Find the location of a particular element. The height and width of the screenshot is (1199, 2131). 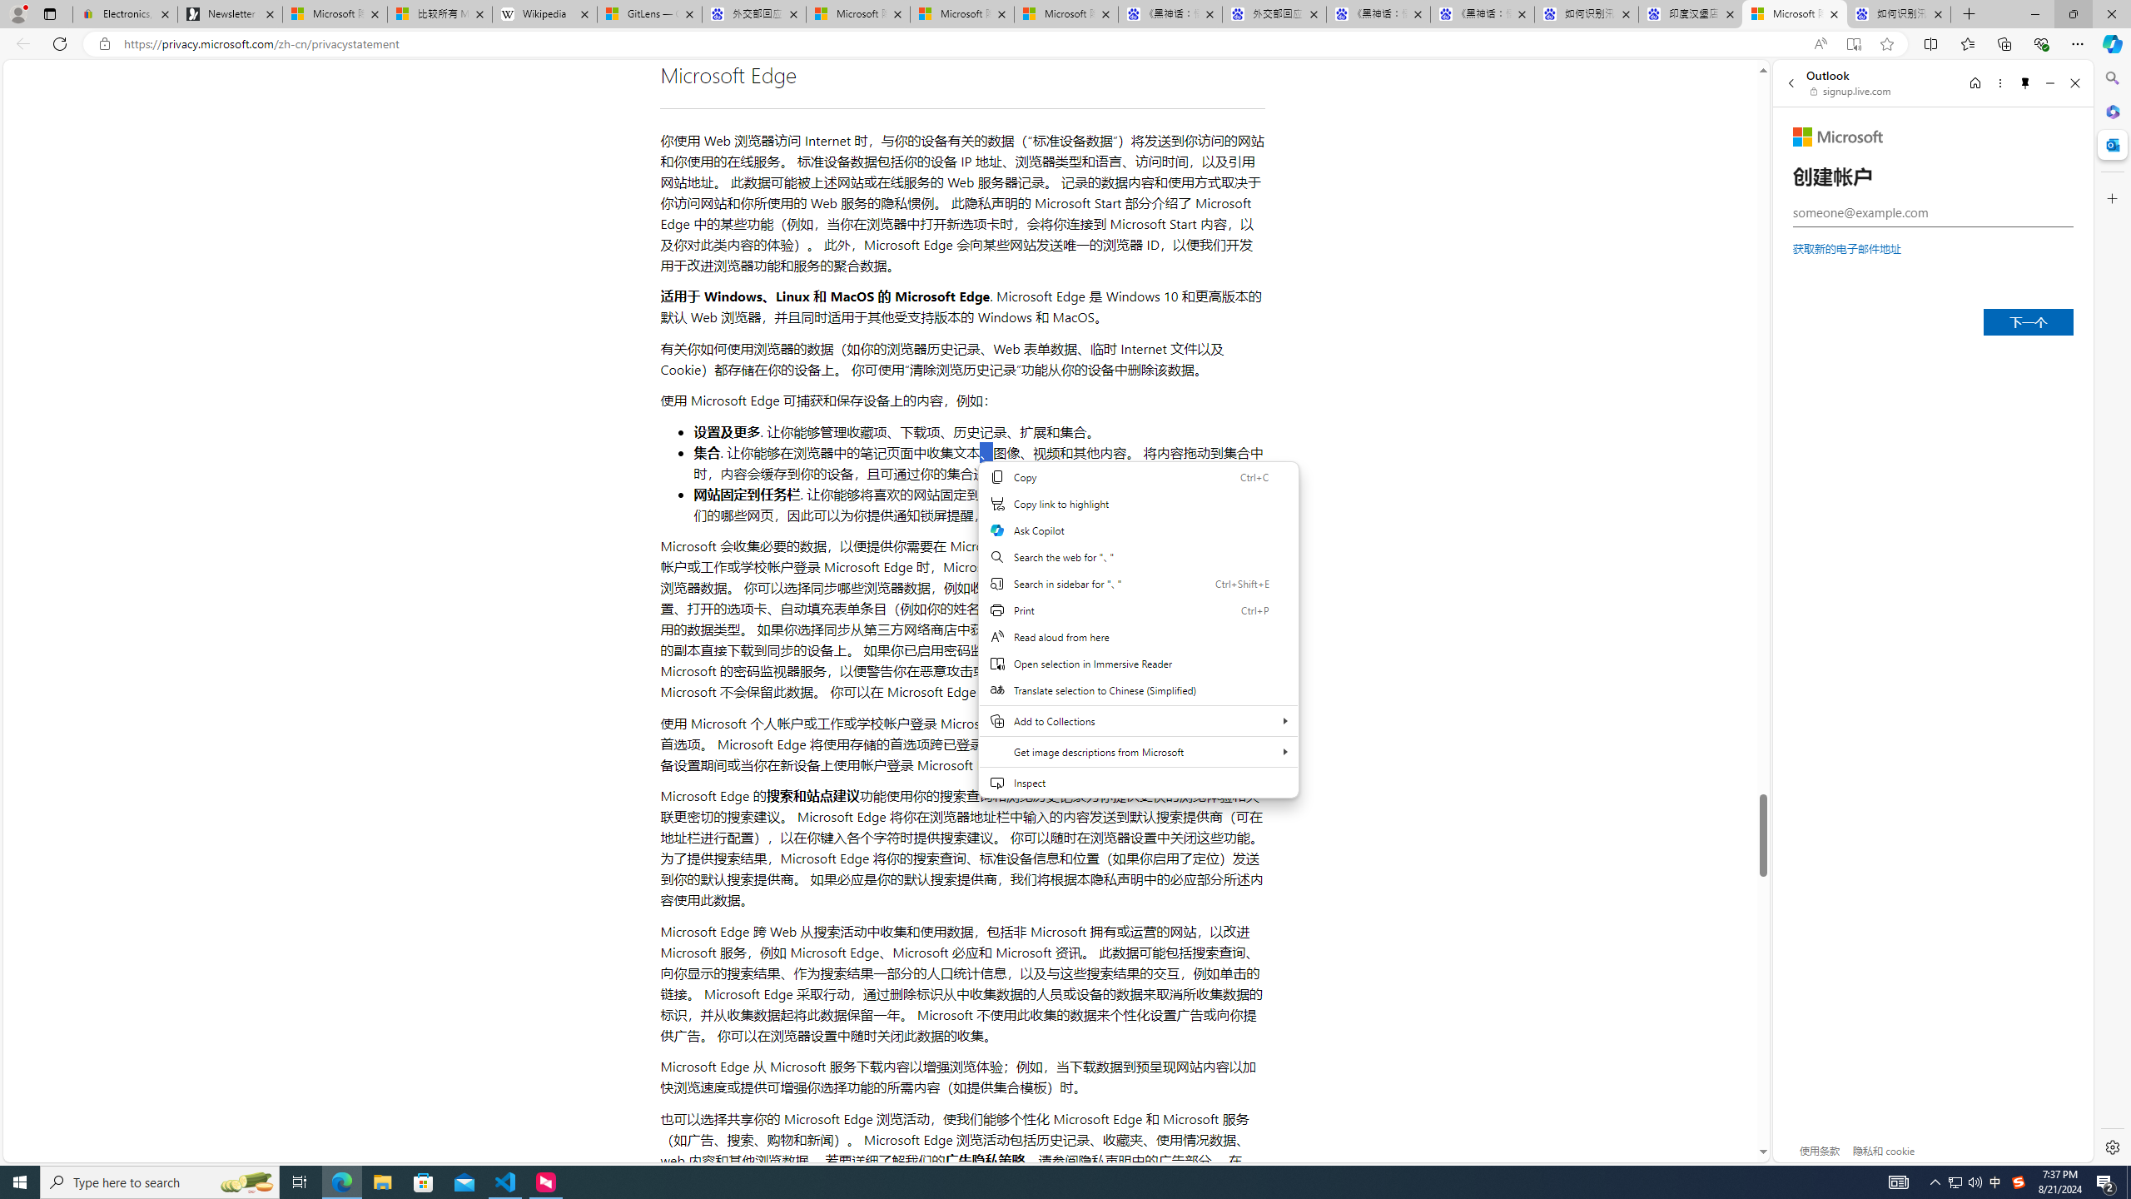

'Newsletter Sign Up' is located at coordinates (230, 13).